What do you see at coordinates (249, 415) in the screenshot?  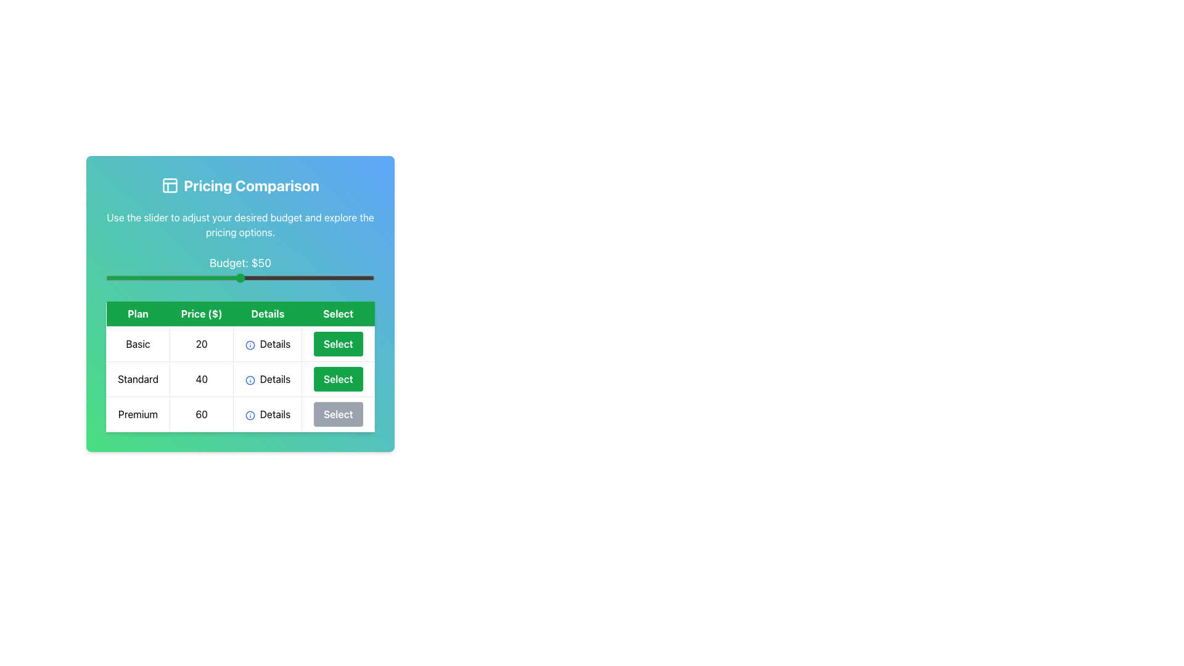 I see `the blue circular icon in the 'Details' cell of the Premium pricing row` at bounding box center [249, 415].